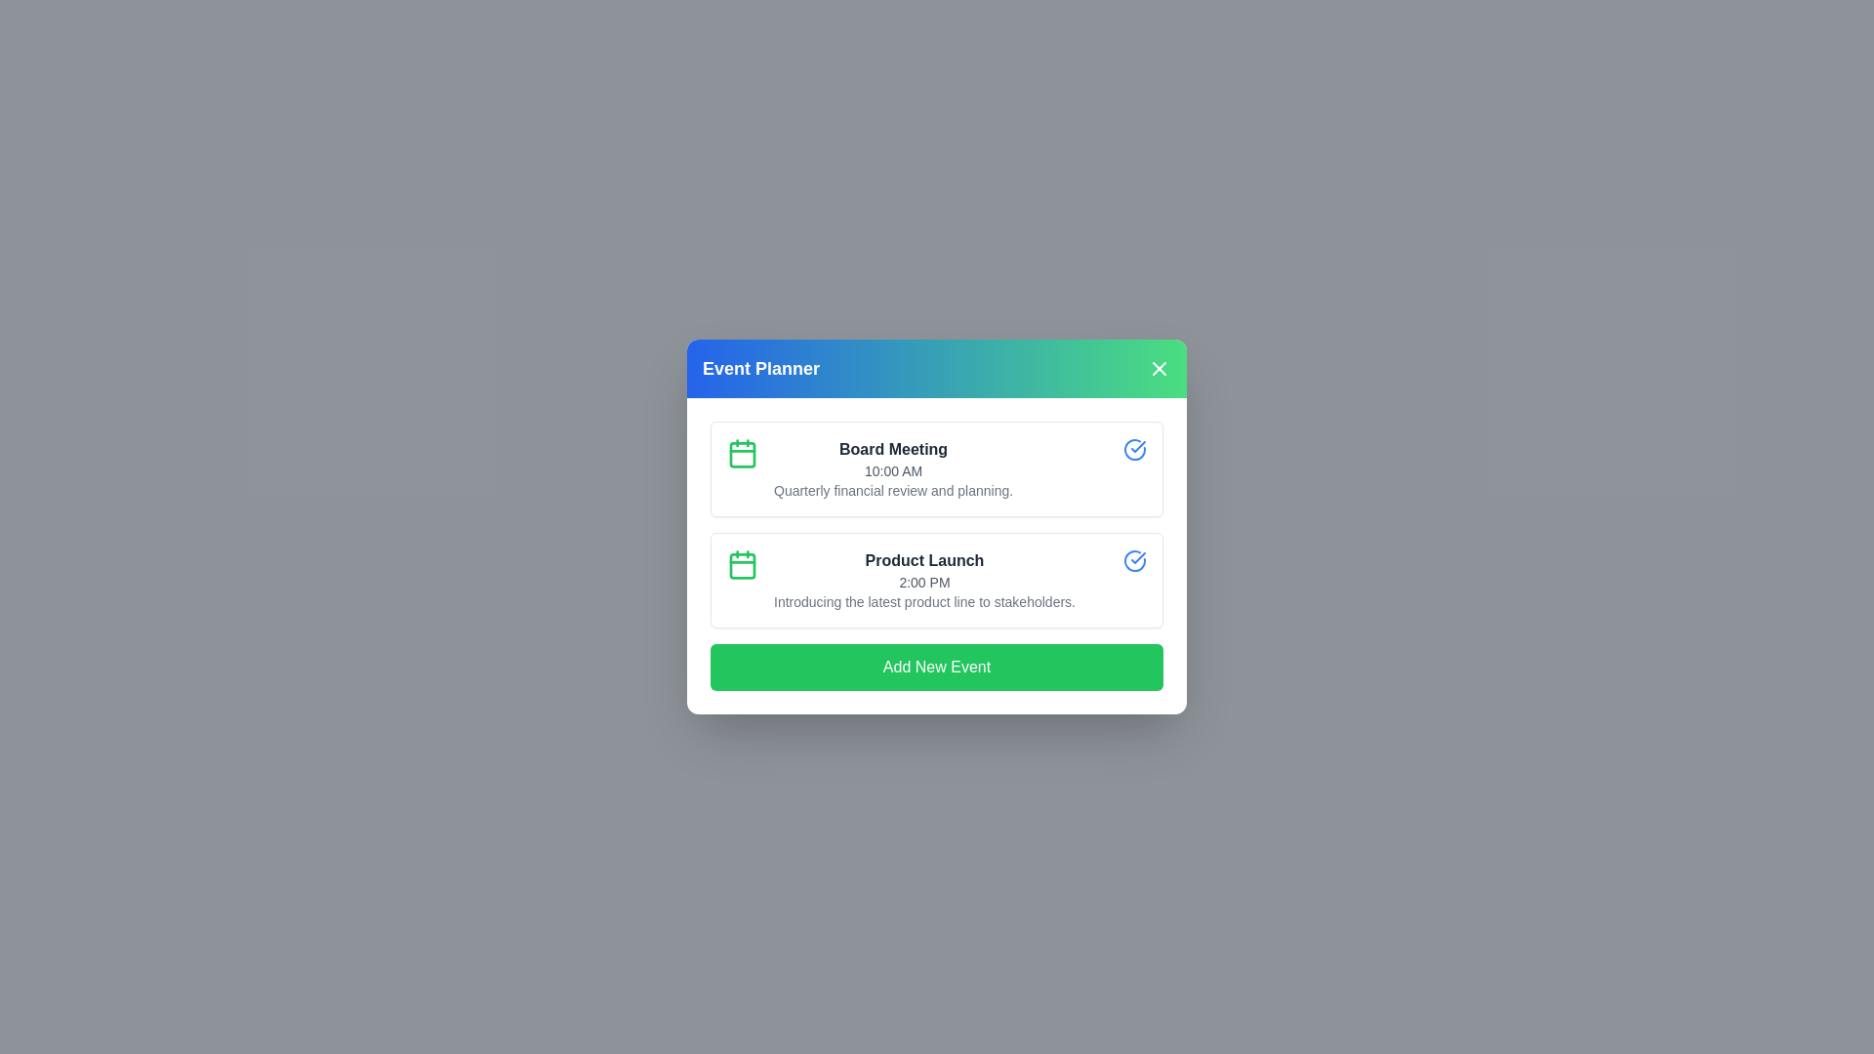 This screenshot has width=1874, height=1054. Describe the element at coordinates (1134, 450) in the screenshot. I see `the clickable confirmation icon located in the top-right corner of the 'Board Meeting' event card to change its color` at that location.